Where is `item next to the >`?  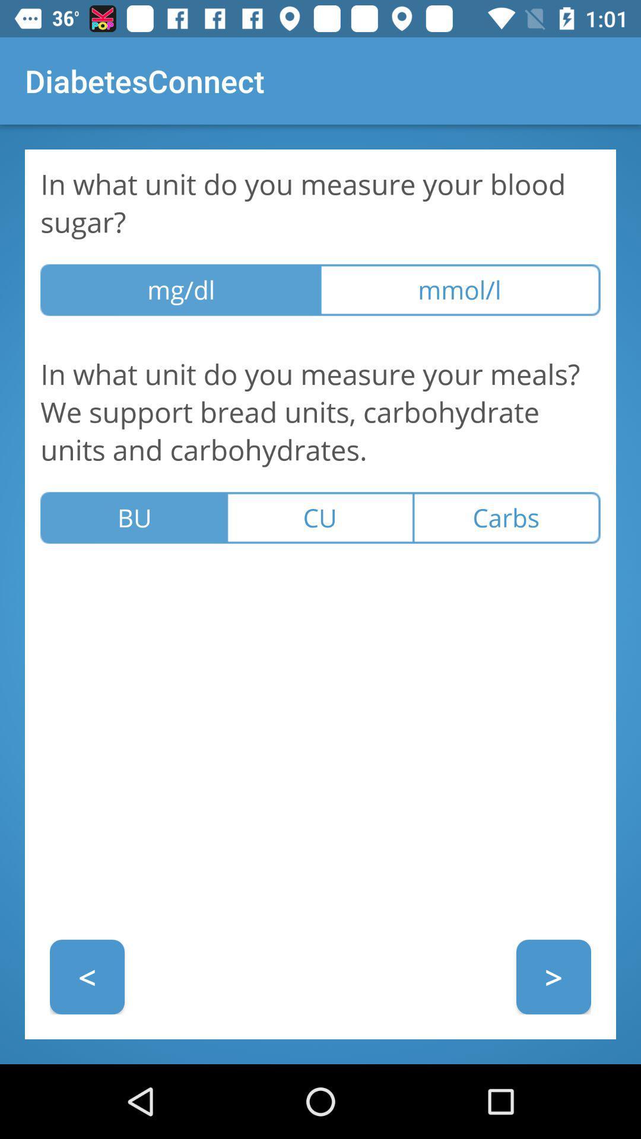
item next to the > is located at coordinates (86, 976).